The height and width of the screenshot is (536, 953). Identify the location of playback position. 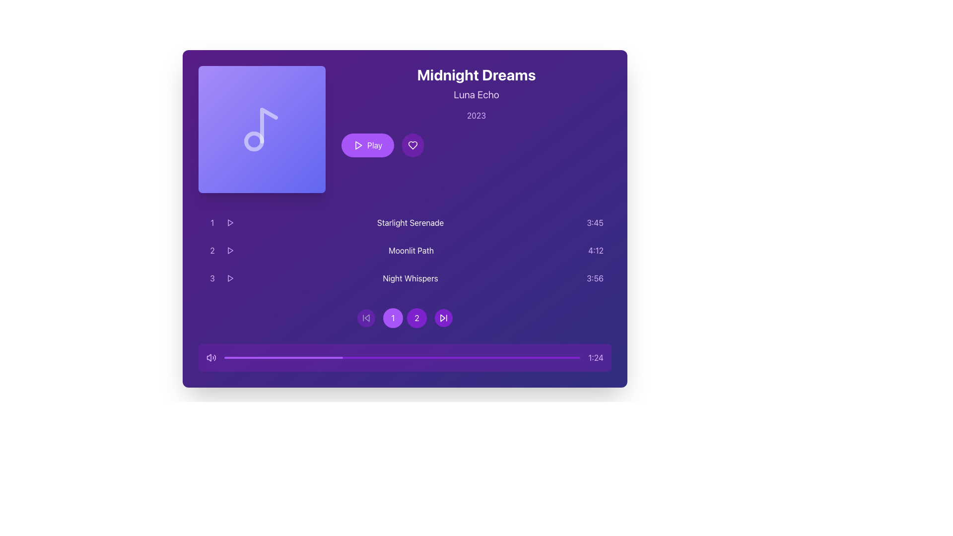
(566, 358).